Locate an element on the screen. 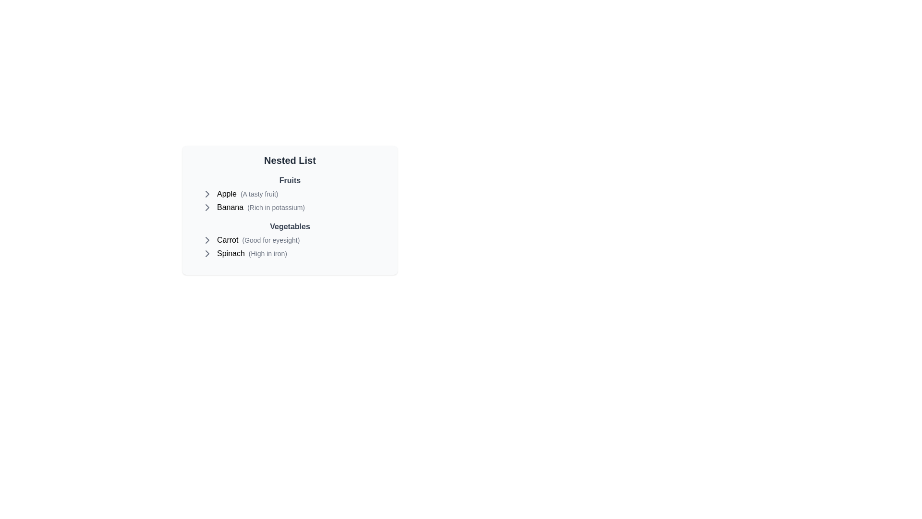 This screenshot has width=922, height=519. the text of the item Spinach is located at coordinates (230, 253).